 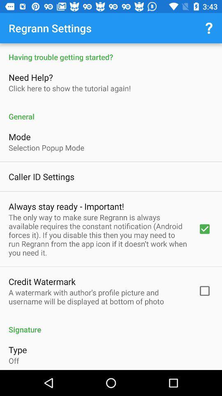 I want to click on the signature icon, so click(x=111, y=325).